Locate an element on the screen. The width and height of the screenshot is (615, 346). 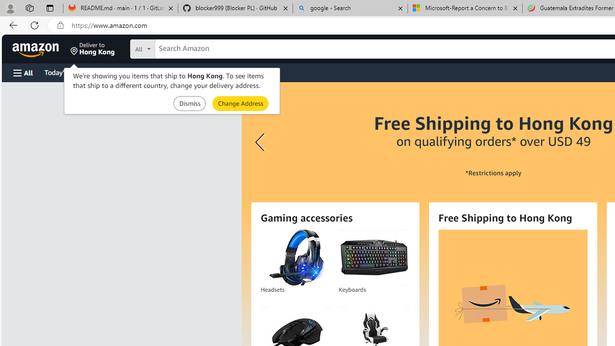
'Search in' is located at coordinates (178, 48).